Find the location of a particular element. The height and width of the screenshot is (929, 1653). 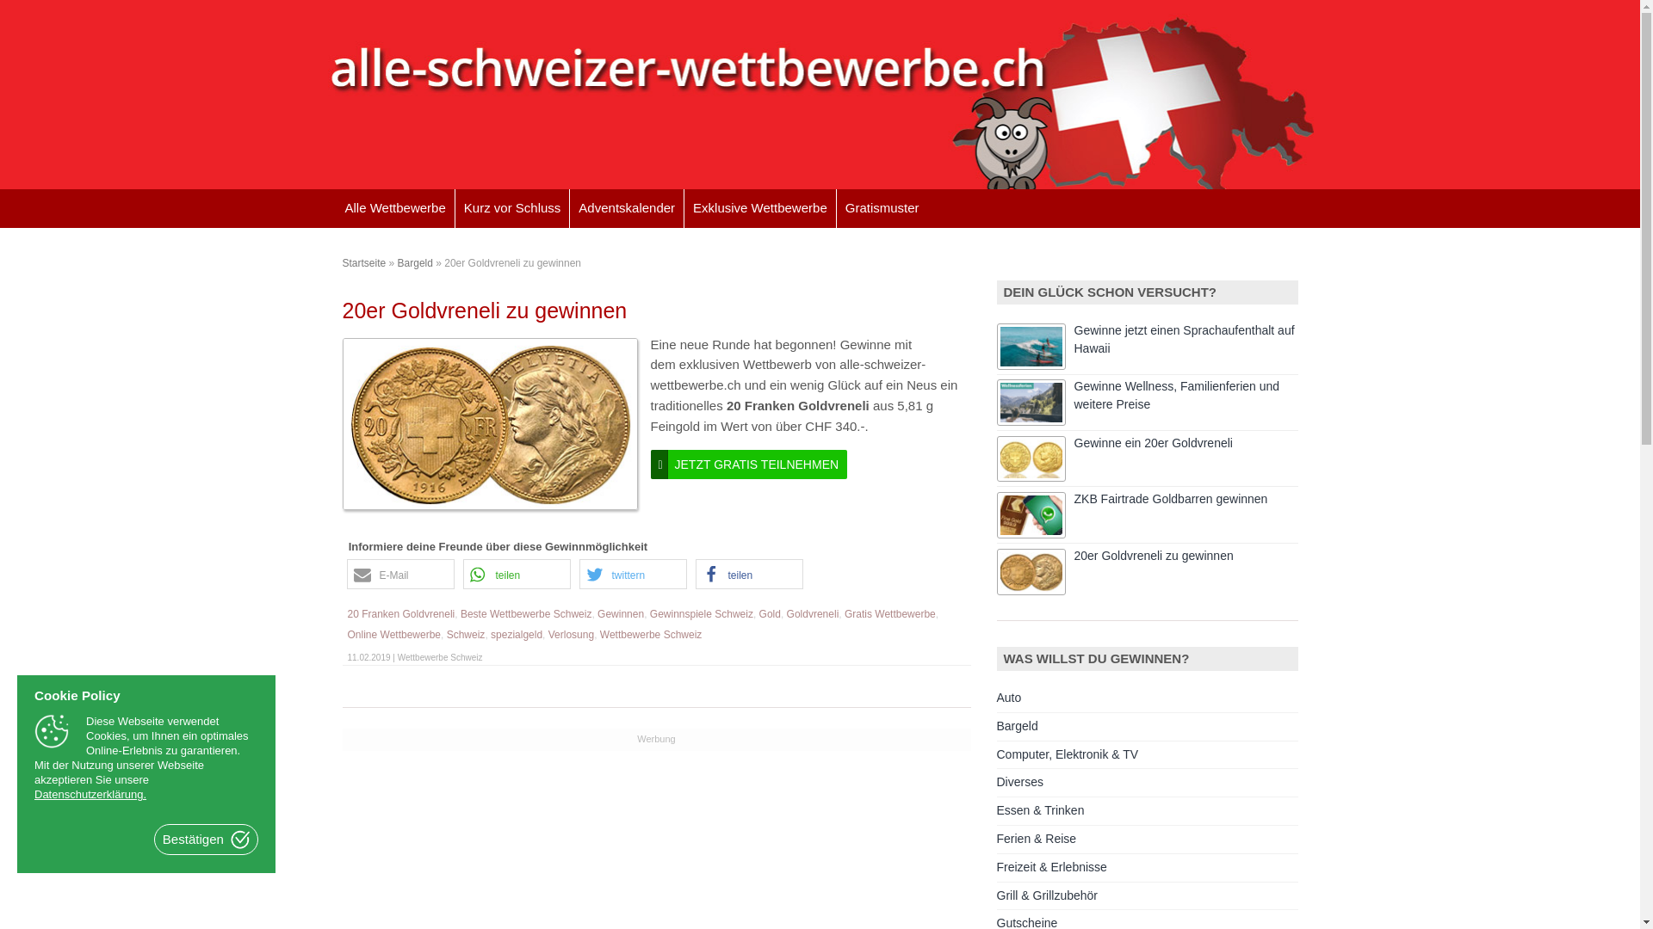

'Alle Wettbewerbe' is located at coordinates (393, 206).